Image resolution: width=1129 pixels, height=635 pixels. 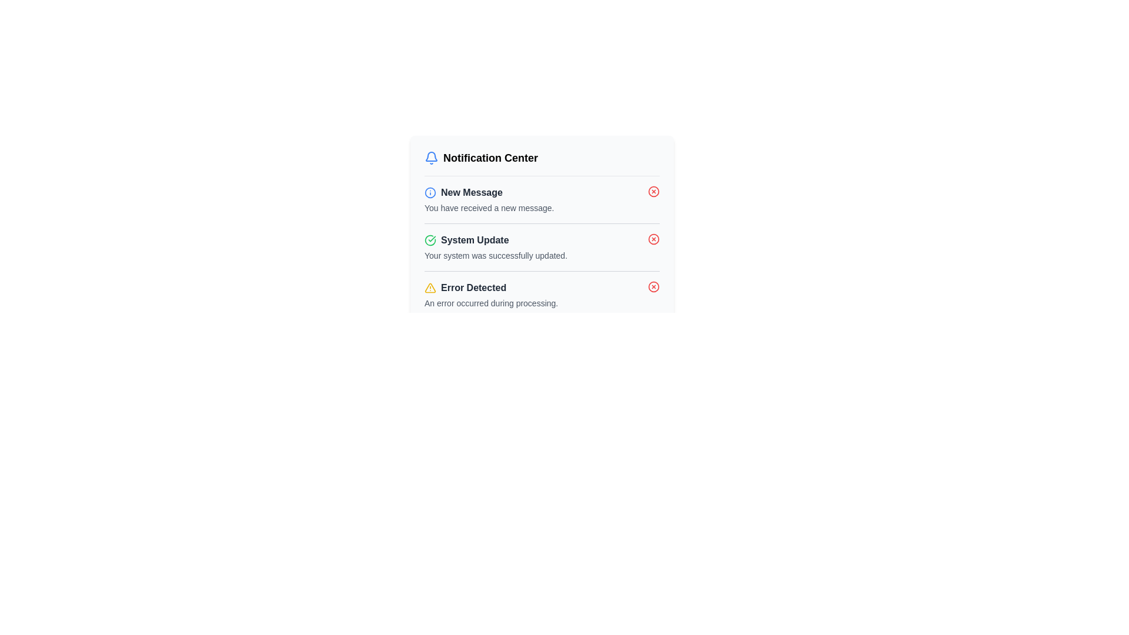 What do you see at coordinates (429, 192) in the screenshot?
I see `the SVG Circle element located in the Notification Center, representing urgency or information within the leftmost notification icon` at bounding box center [429, 192].